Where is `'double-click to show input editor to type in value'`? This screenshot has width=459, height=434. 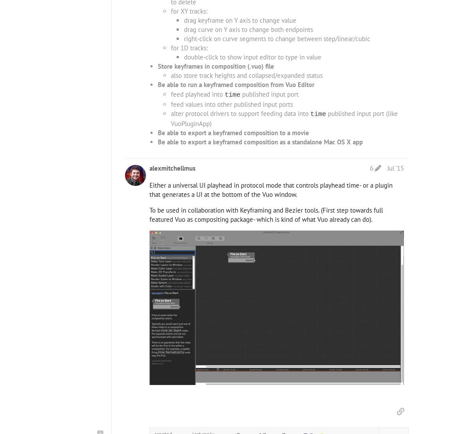
'double-click to show input editor to type in value' is located at coordinates (251, 57).